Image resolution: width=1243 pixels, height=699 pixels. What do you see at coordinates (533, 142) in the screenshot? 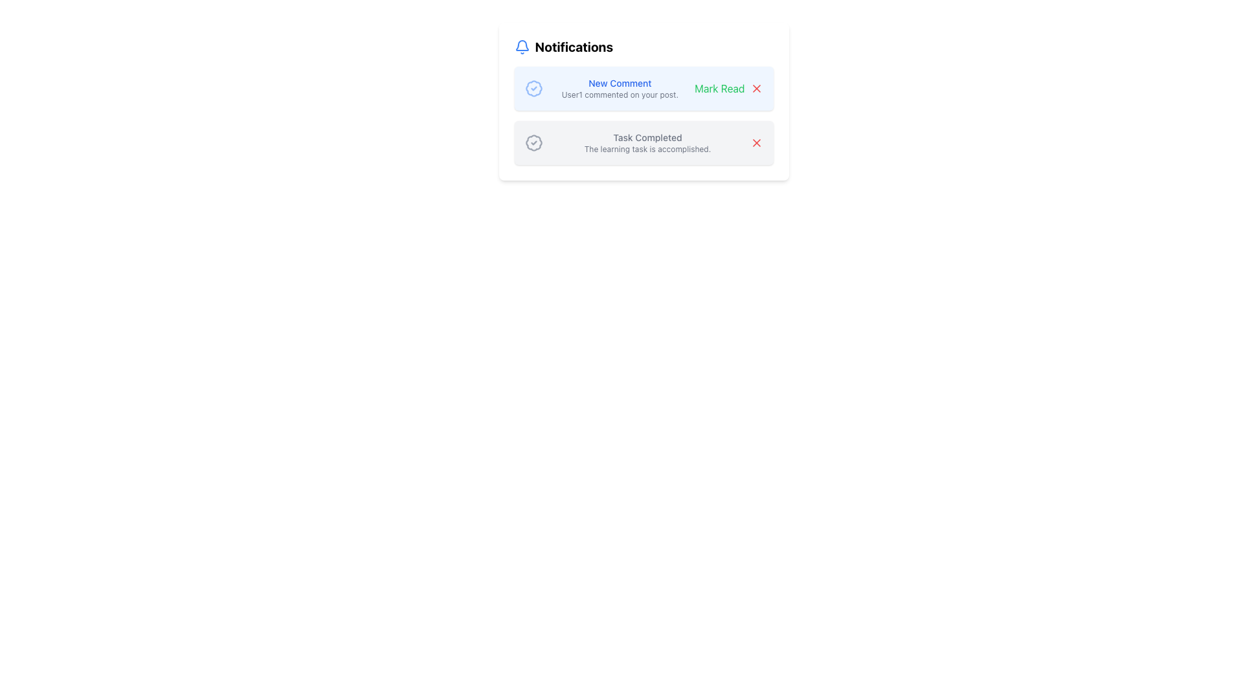
I see `the icon that signifies the completion status of the task, indicated by the text 'Task Completed', as it acts as a button` at bounding box center [533, 142].